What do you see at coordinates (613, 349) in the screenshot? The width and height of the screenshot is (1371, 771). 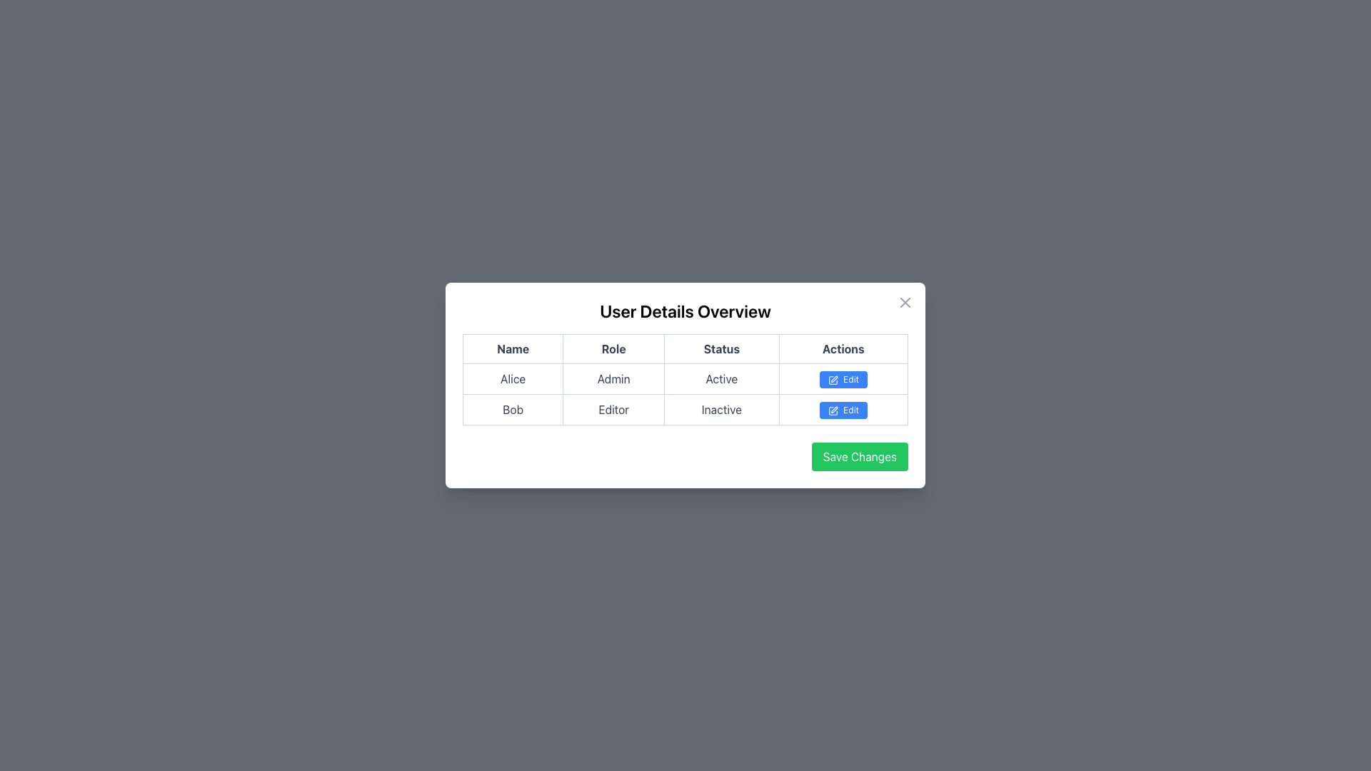 I see `the 'Role' column header cell in the table to identify the 'Role' column` at bounding box center [613, 349].